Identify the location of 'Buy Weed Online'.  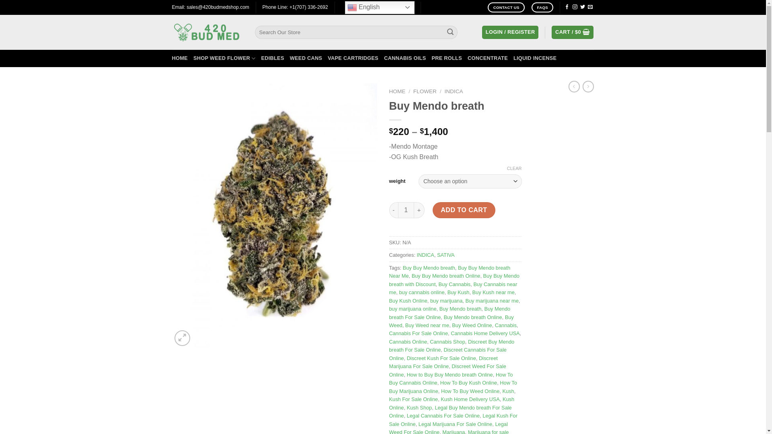
(472, 325).